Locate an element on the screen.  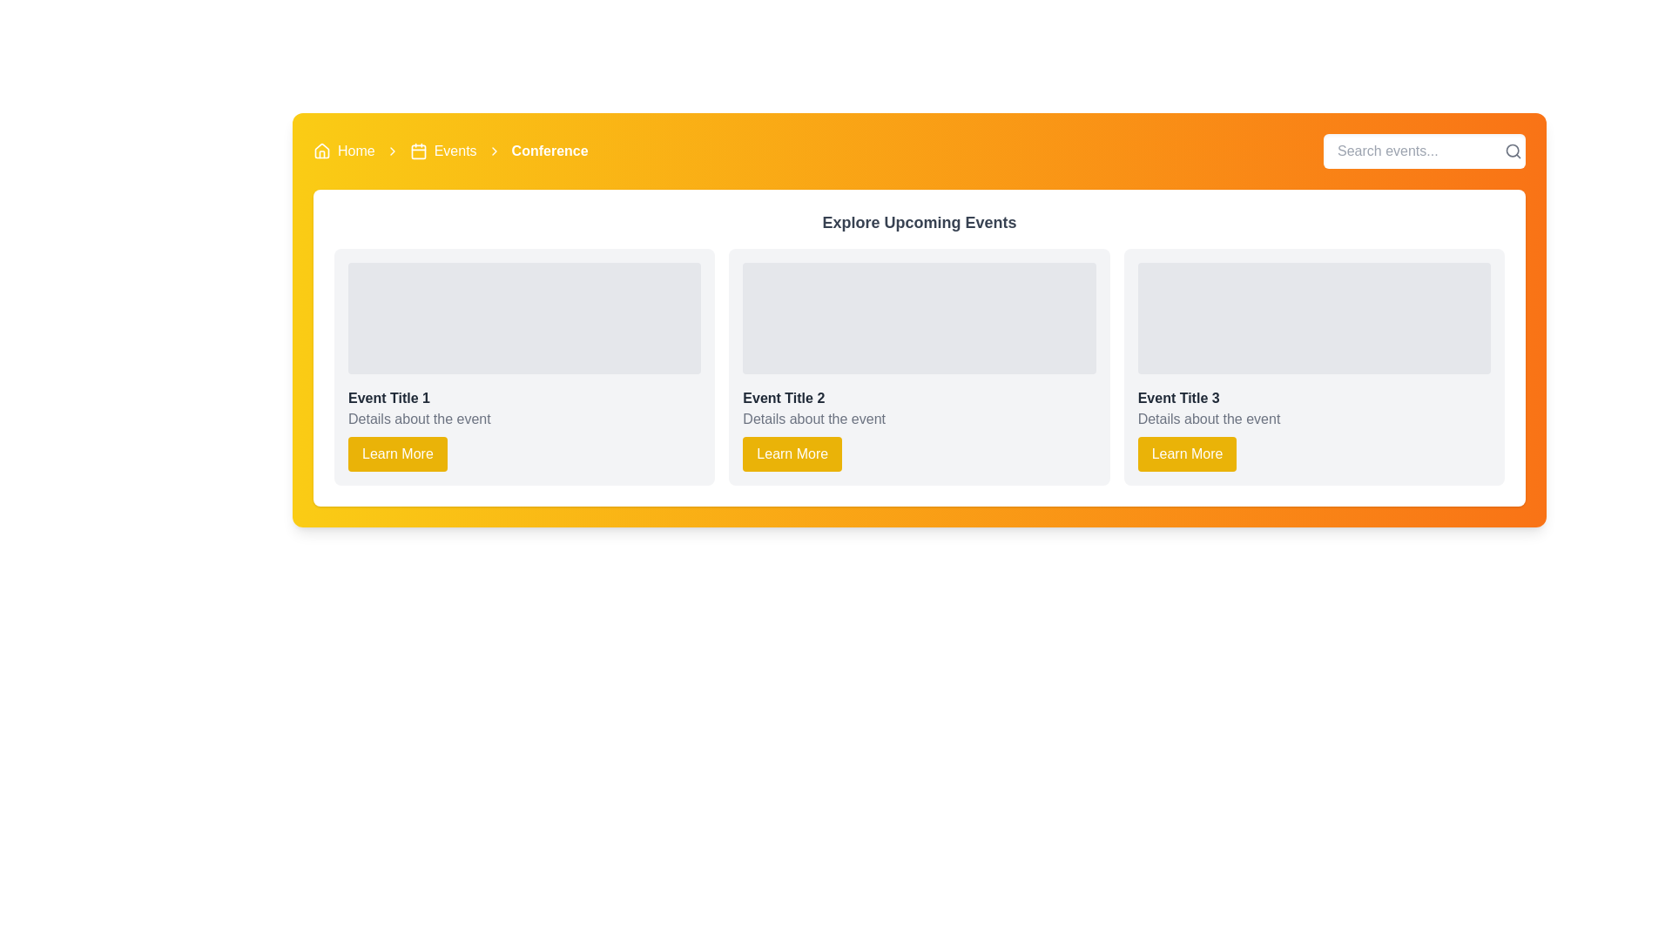
the search icon located to the right of the Search input field with placeholder text 'Search events...' in the top right corner of the header section is located at coordinates (1425, 150).